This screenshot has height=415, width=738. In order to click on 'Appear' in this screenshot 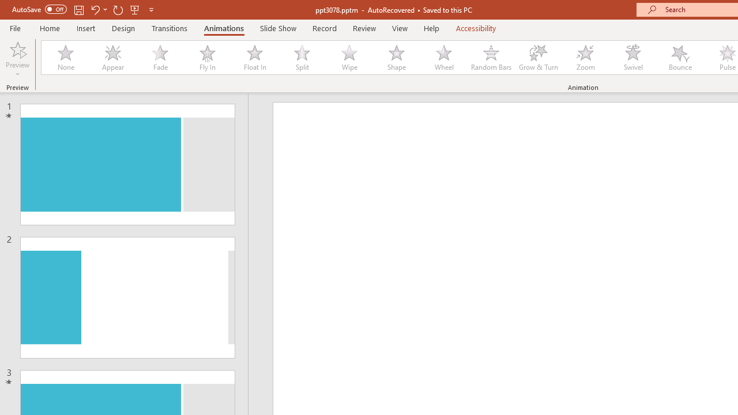, I will do `click(112, 58)`.